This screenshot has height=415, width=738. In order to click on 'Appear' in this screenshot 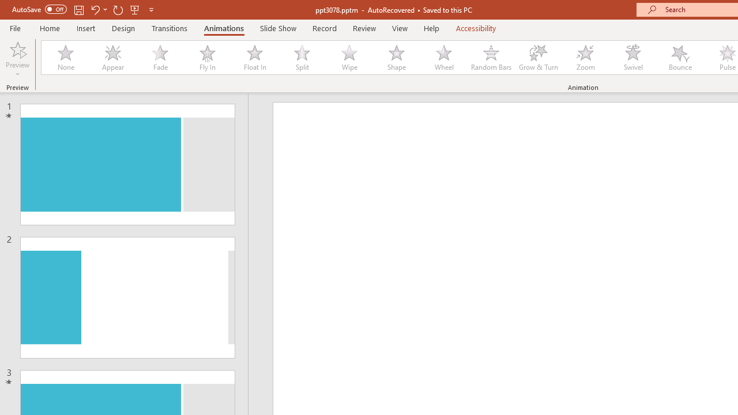, I will do `click(112, 58)`.